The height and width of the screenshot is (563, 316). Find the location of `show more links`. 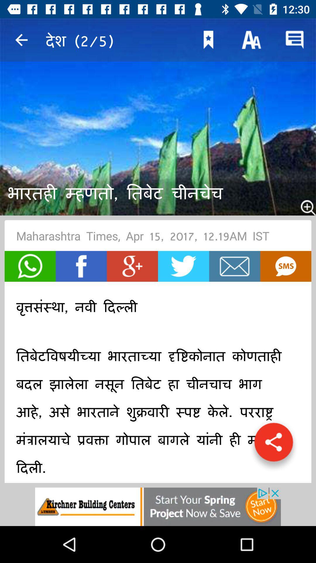

show more links is located at coordinates (274, 445).